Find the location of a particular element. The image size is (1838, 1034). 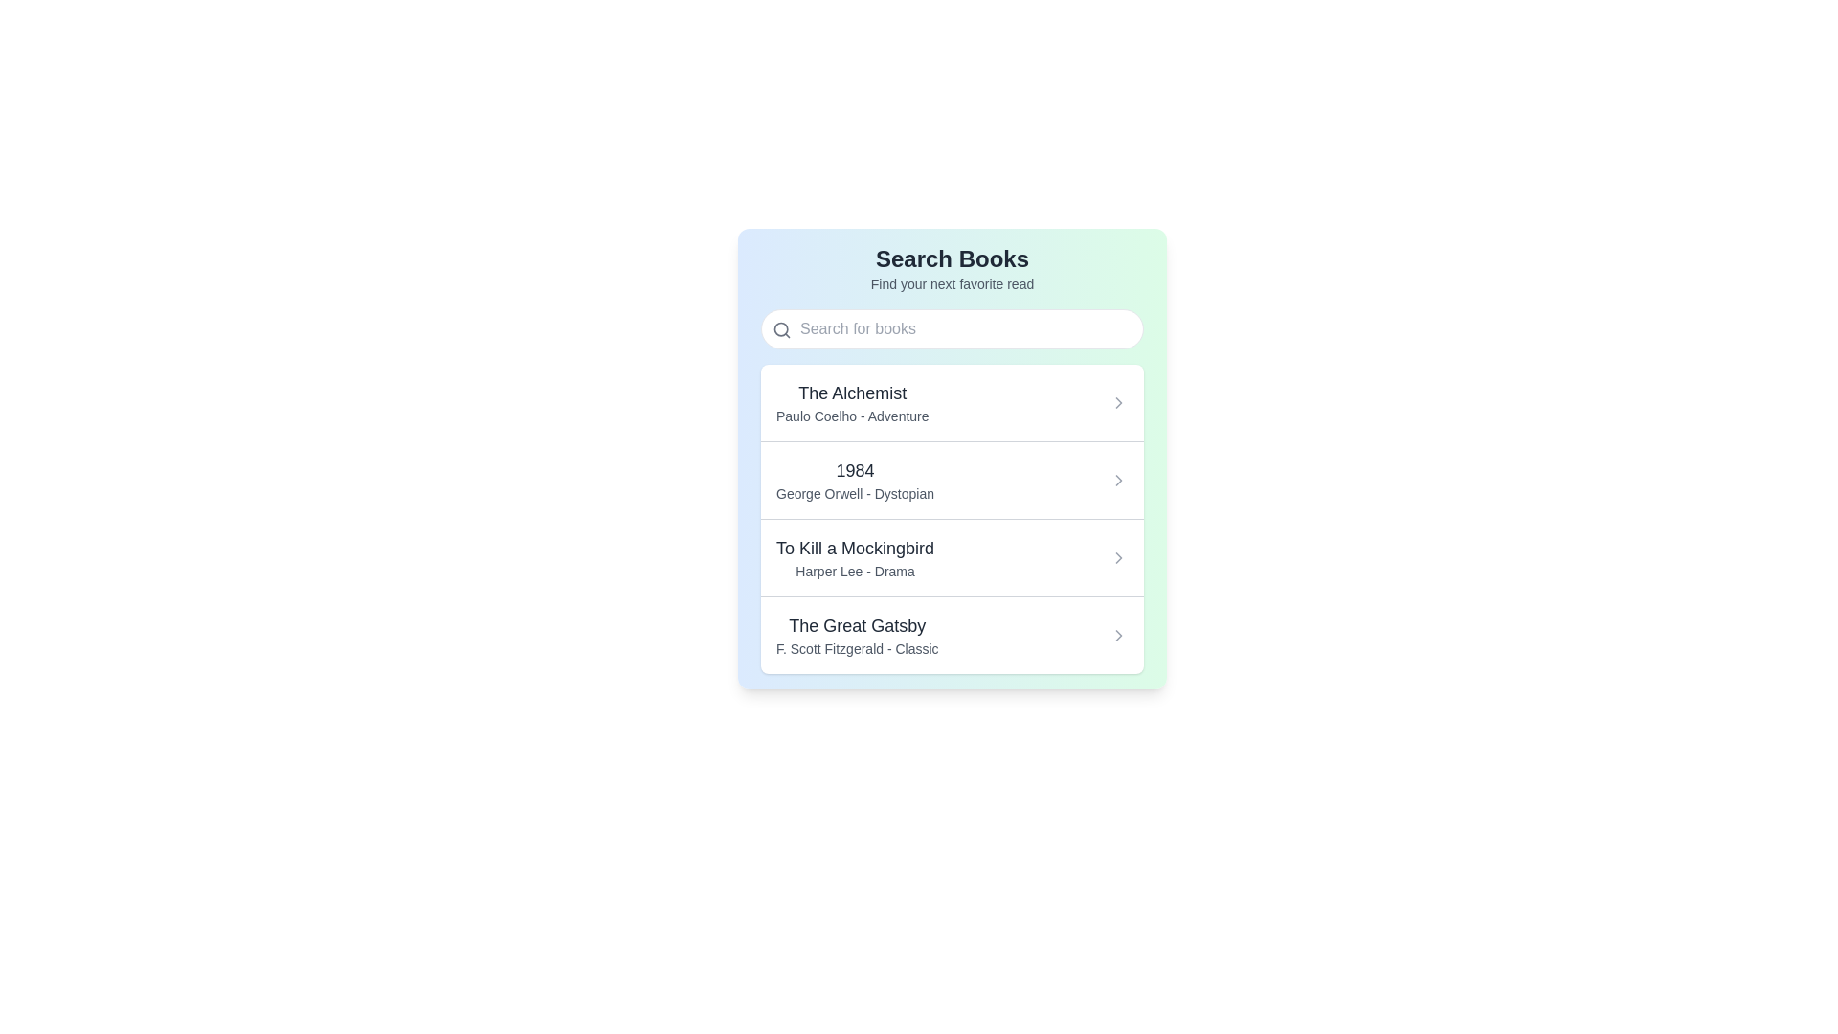

the Text Label that identifies the author and genre of 'The Great Gatsby', located directly beneath the title is located at coordinates (856, 648).